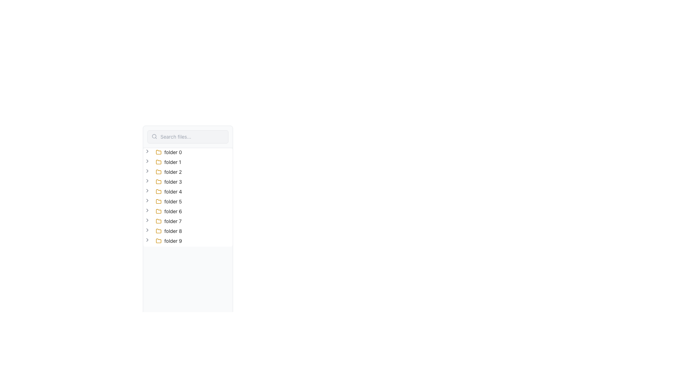  I want to click on the folder icon representing 'folder 3' in the file navigation panel, so click(158, 181).